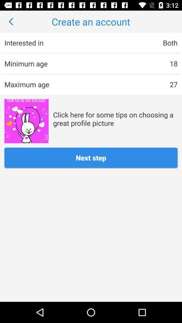 The height and width of the screenshot is (323, 182). Describe the element at coordinates (26, 121) in the screenshot. I see `the app next to the click here for item` at that location.